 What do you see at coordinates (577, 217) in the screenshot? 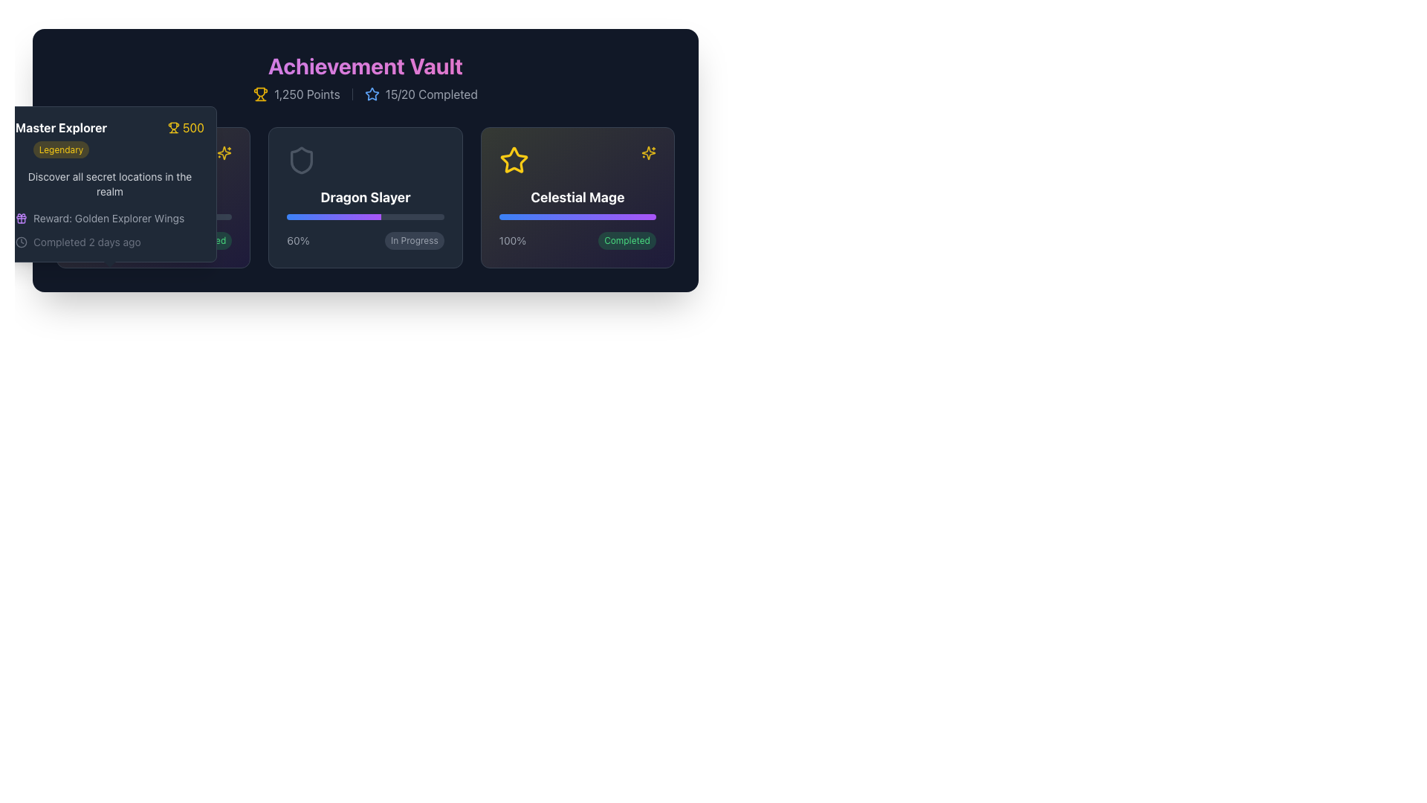
I see `the thin rectangular progress bar with rounded edges, which has a gradient background transitioning from blue to purple, located below the title 'Celestial Mage' and above the percentage label '100%' and the status badge 'Completed'` at bounding box center [577, 217].